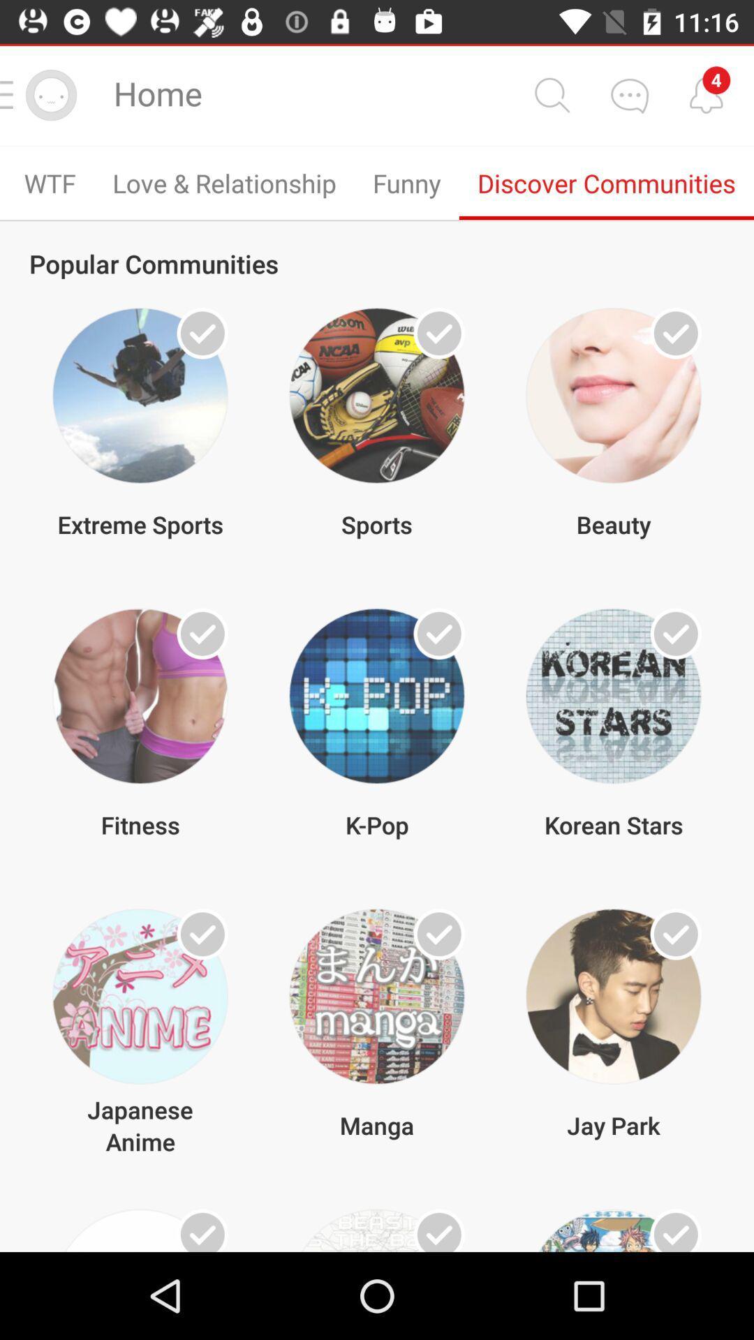  What do you see at coordinates (202, 1230) in the screenshot?
I see `communitie` at bounding box center [202, 1230].